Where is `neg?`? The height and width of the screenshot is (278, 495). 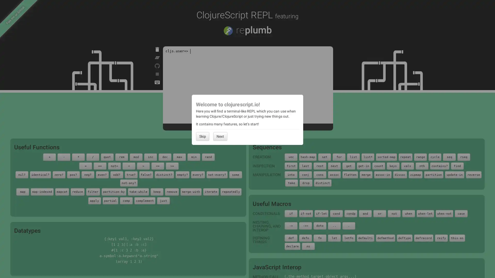
neg? is located at coordinates (88, 174).